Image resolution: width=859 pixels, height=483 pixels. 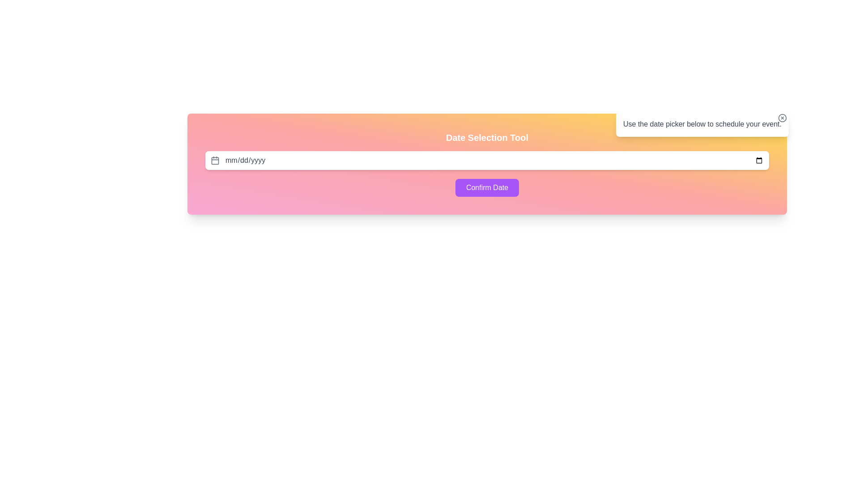 What do you see at coordinates (782, 117) in the screenshot?
I see `the circular close button with a cross inside, located in the top-right corner of the white informational box that contains the text 'Use the date picker below to schedule your event.'` at bounding box center [782, 117].